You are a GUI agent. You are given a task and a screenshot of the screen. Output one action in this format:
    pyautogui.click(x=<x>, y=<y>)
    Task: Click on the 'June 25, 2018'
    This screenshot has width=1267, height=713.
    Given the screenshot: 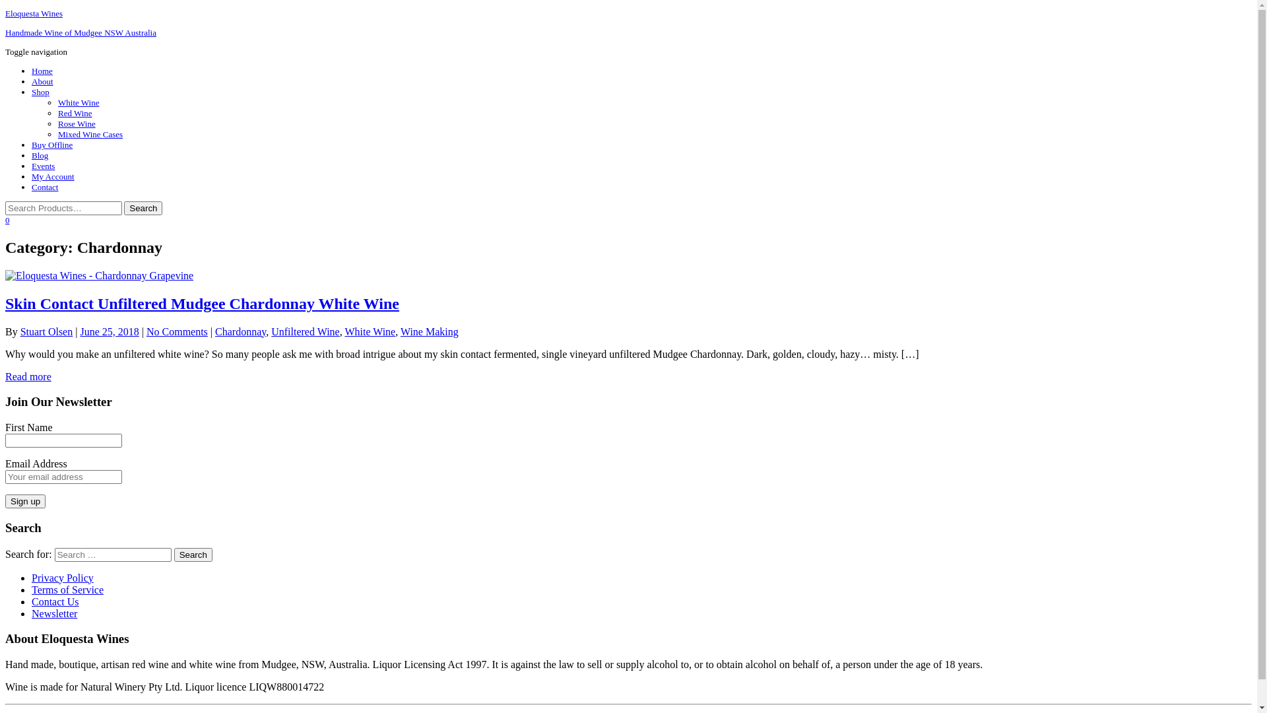 What is the action you would take?
    pyautogui.click(x=109, y=331)
    